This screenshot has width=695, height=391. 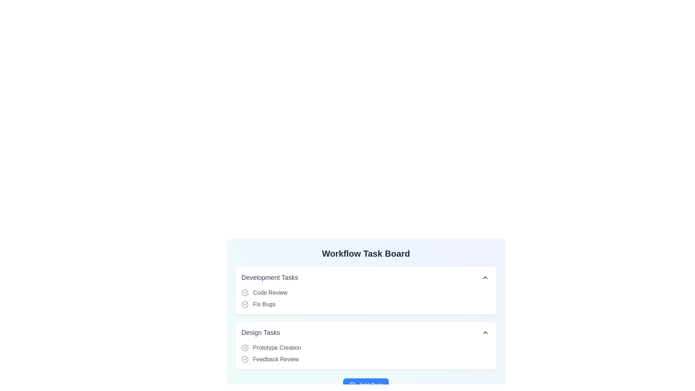 What do you see at coordinates (245, 359) in the screenshot?
I see `the circular checkmark icon located to the left of the 'Feedback Review' text in the 'Design Tasks' section` at bounding box center [245, 359].